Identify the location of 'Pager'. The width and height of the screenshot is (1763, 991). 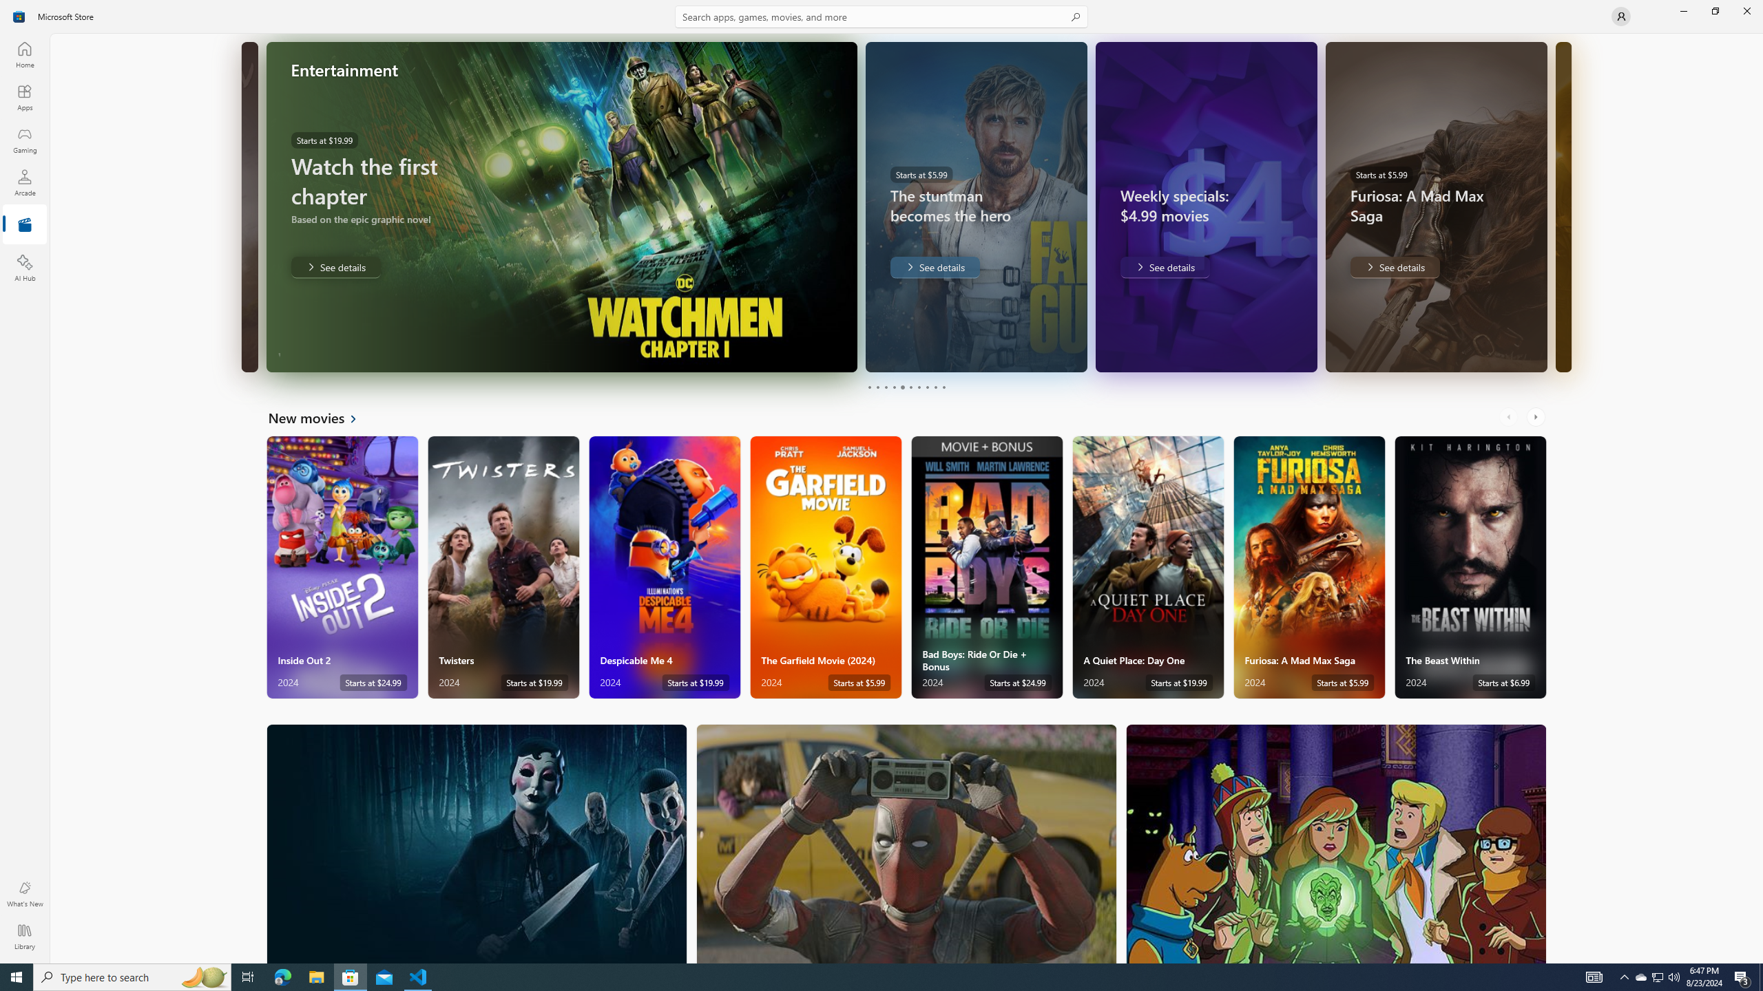
(906, 387).